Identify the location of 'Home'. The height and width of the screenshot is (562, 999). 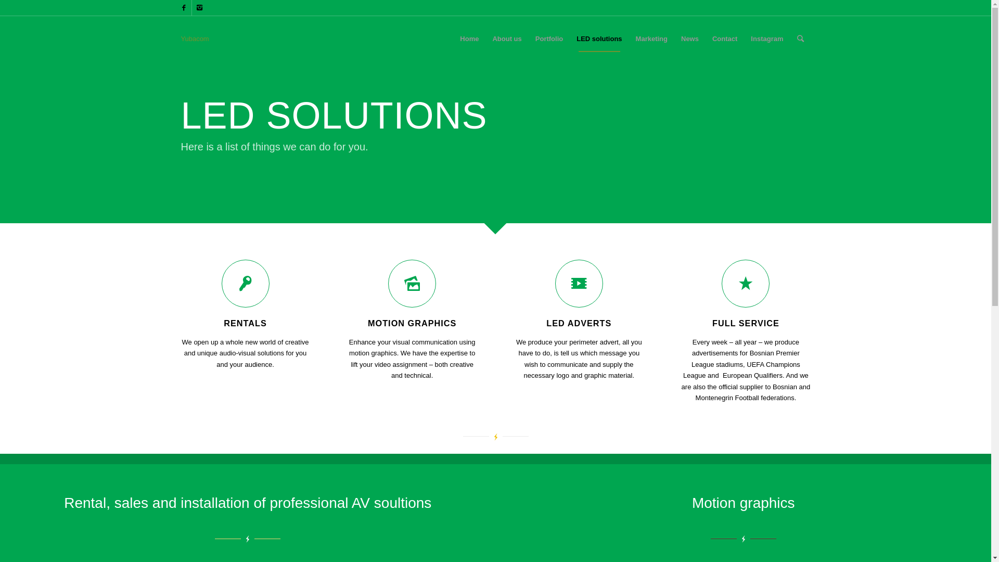
(469, 38).